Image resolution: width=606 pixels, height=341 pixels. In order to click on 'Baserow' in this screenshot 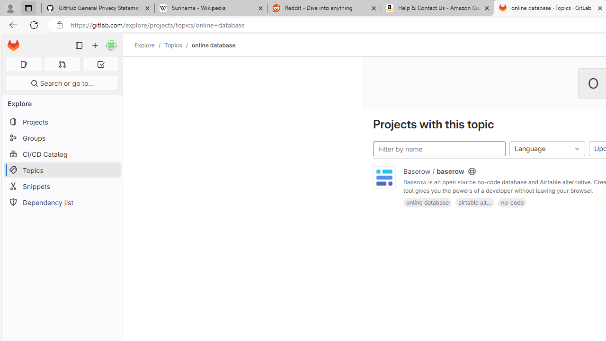, I will do `click(415, 182)`.